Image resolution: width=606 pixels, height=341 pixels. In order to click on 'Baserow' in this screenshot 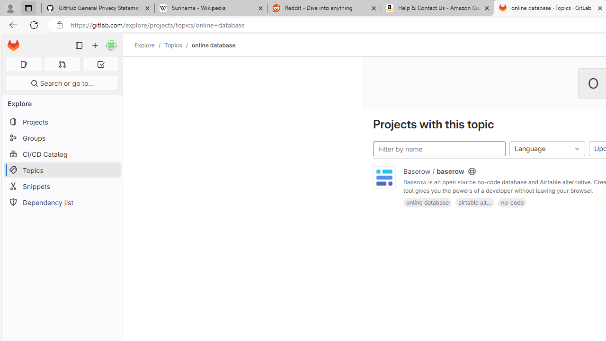, I will do `click(415, 182)`.